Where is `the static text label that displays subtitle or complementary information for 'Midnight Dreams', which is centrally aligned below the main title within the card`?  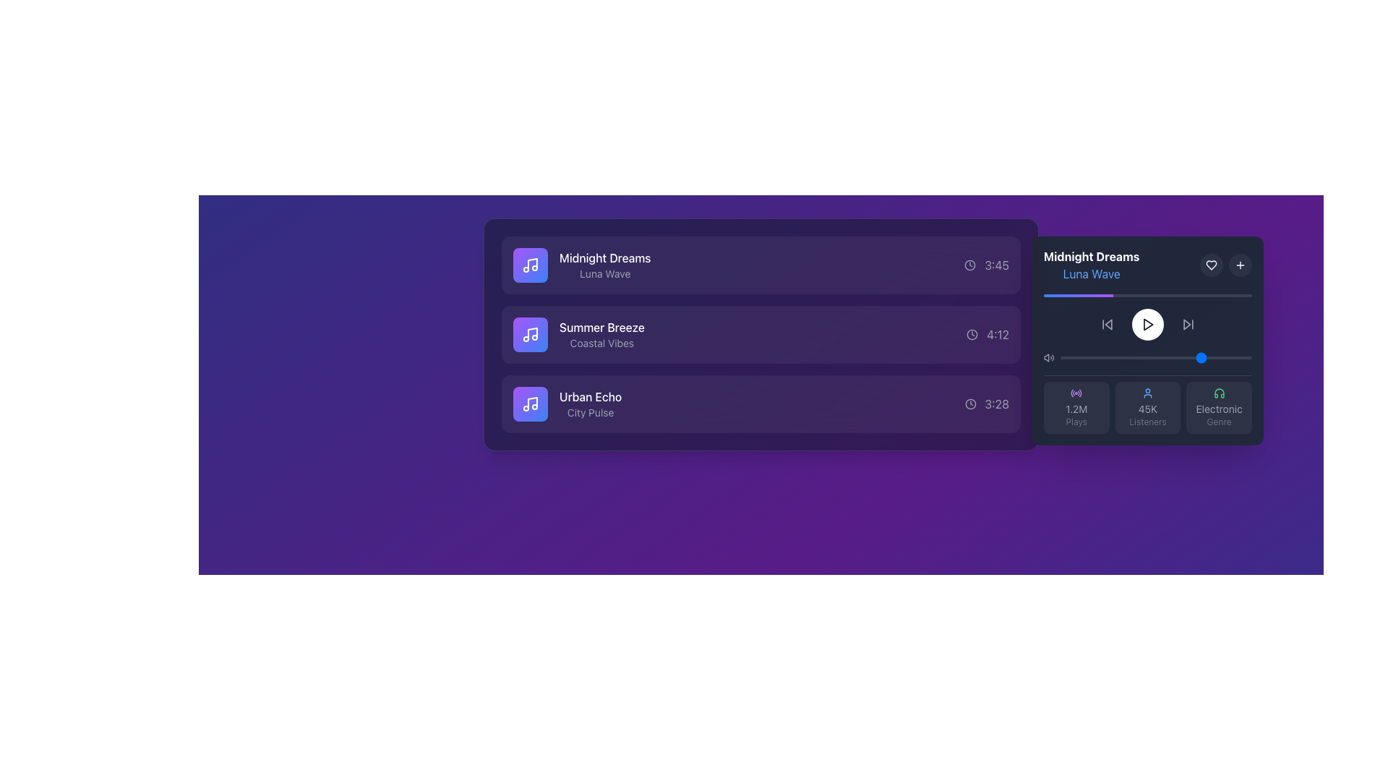
the static text label that displays subtitle or complementary information for 'Midnight Dreams', which is centrally aligned below the main title within the card is located at coordinates (605, 273).